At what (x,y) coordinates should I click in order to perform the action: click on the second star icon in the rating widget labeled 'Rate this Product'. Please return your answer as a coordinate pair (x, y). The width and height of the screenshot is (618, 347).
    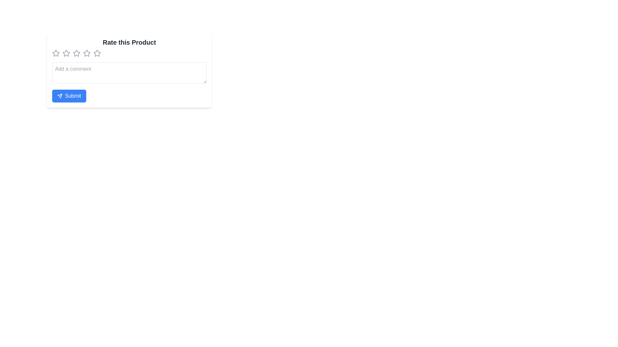
    Looking at the image, I should click on (77, 53).